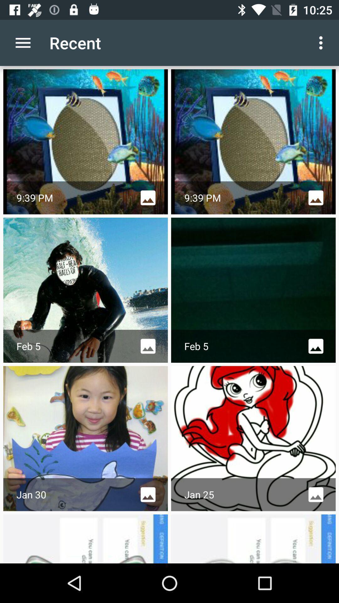  Describe the element at coordinates (253, 438) in the screenshot. I see `the sixth image of the page` at that location.